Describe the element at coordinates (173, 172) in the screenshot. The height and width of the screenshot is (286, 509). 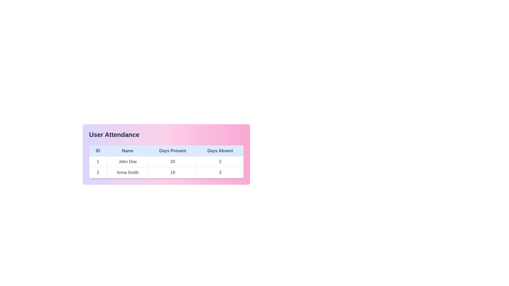
I see `the table cell containing the text '19', which is the third cell in the second row under the 'Days Present' column` at that location.